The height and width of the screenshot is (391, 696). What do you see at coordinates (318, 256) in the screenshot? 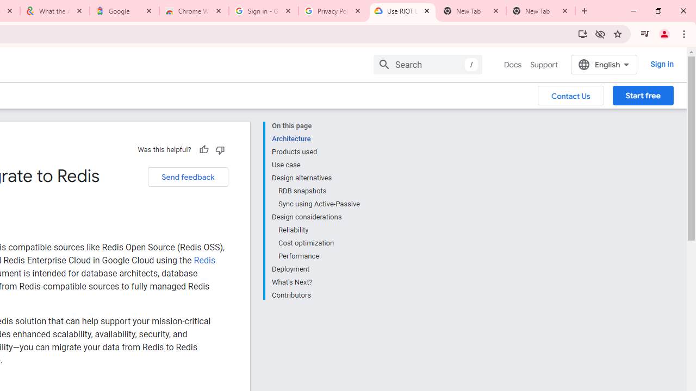
I see `'Performance'` at bounding box center [318, 256].